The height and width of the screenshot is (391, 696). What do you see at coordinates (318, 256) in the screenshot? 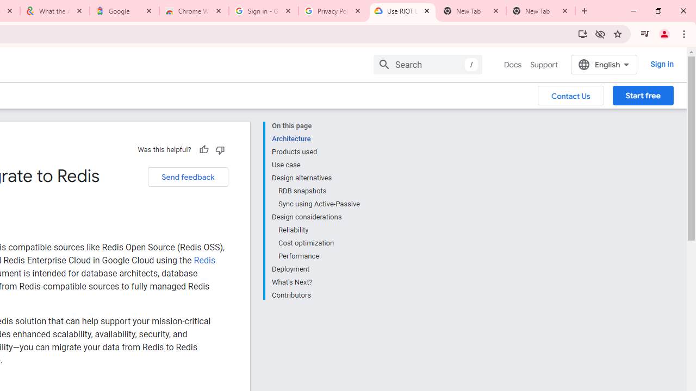
I see `'Performance'` at bounding box center [318, 256].